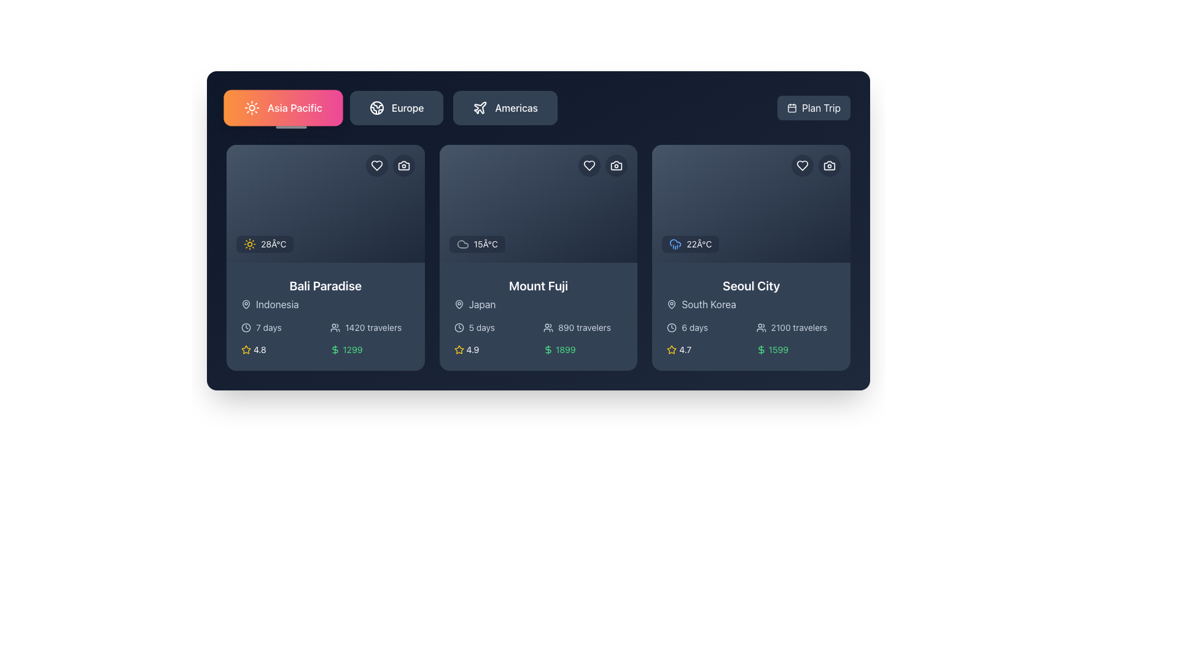  Describe the element at coordinates (376, 166) in the screenshot. I see `the 'like' icon in the top-right corner of the 'Bali Paradise' card` at that location.